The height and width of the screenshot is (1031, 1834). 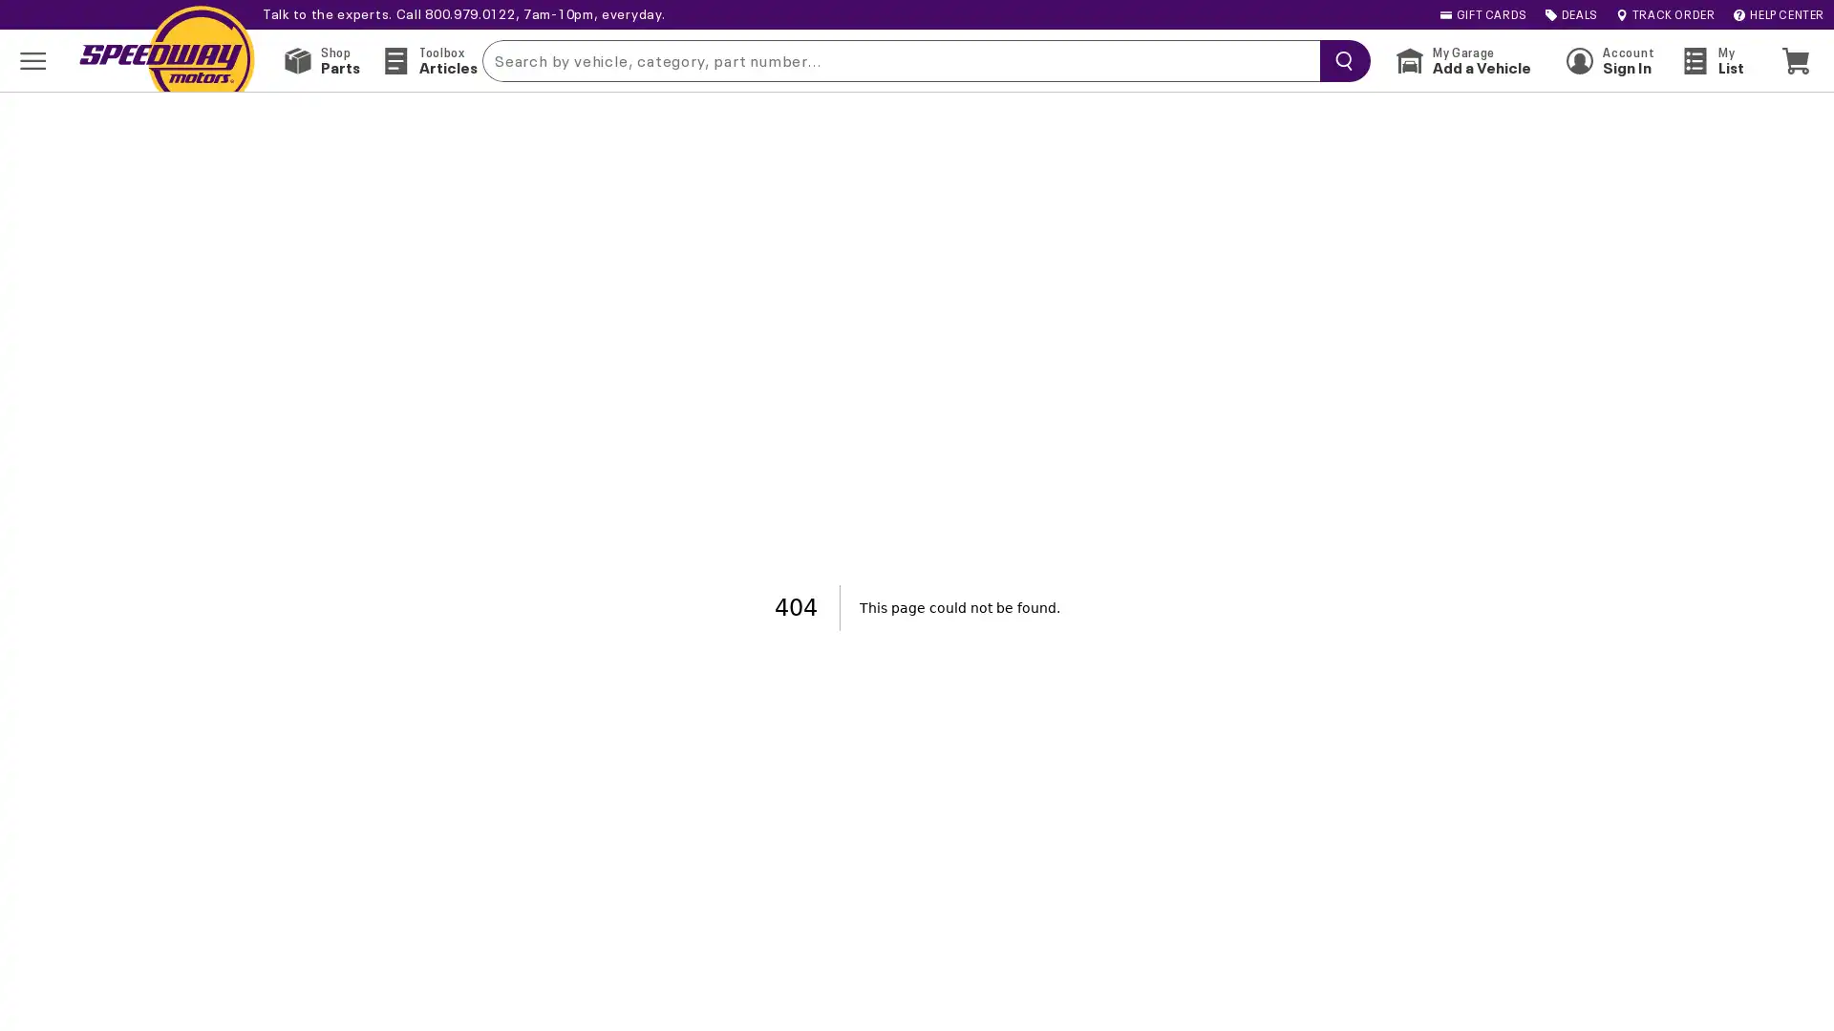 What do you see at coordinates (1461, 59) in the screenshot?
I see `My Garage Add a Vehicle` at bounding box center [1461, 59].